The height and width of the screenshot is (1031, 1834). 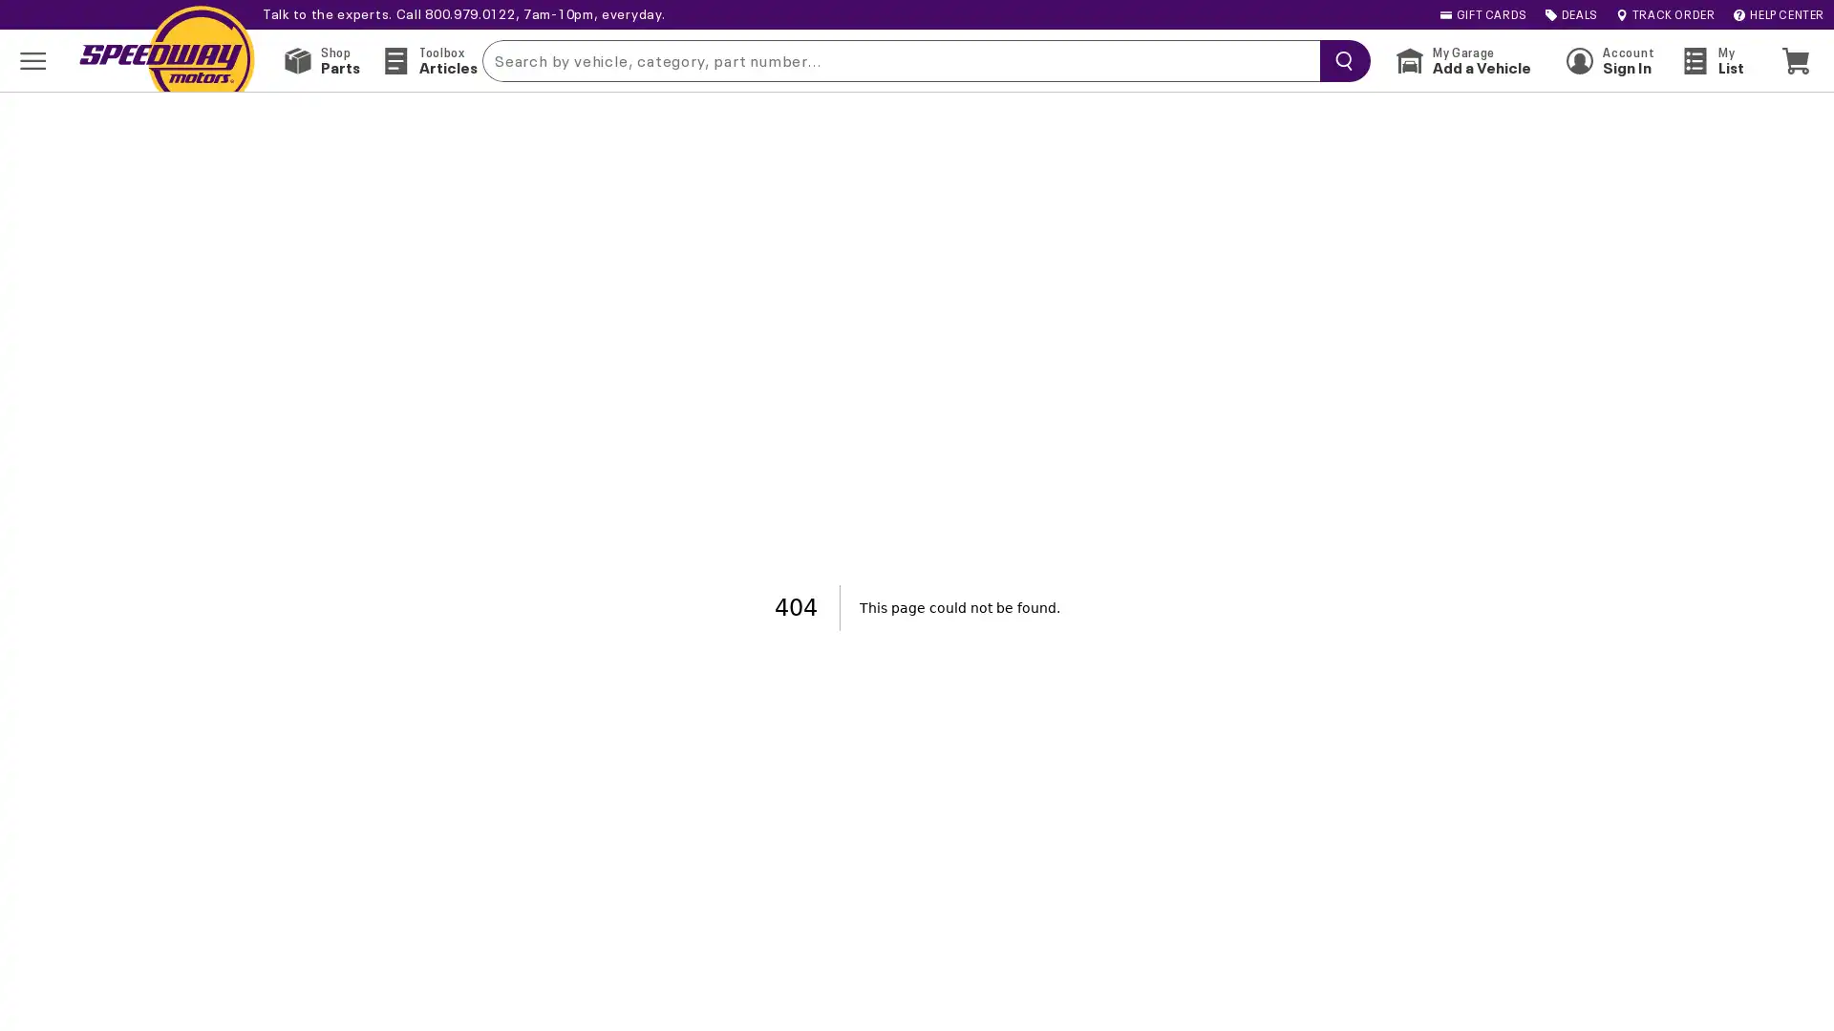 What do you see at coordinates (1461, 59) in the screenshot?
I see `My Garage Add a Vehicle` at bounding box center [1461, 59].